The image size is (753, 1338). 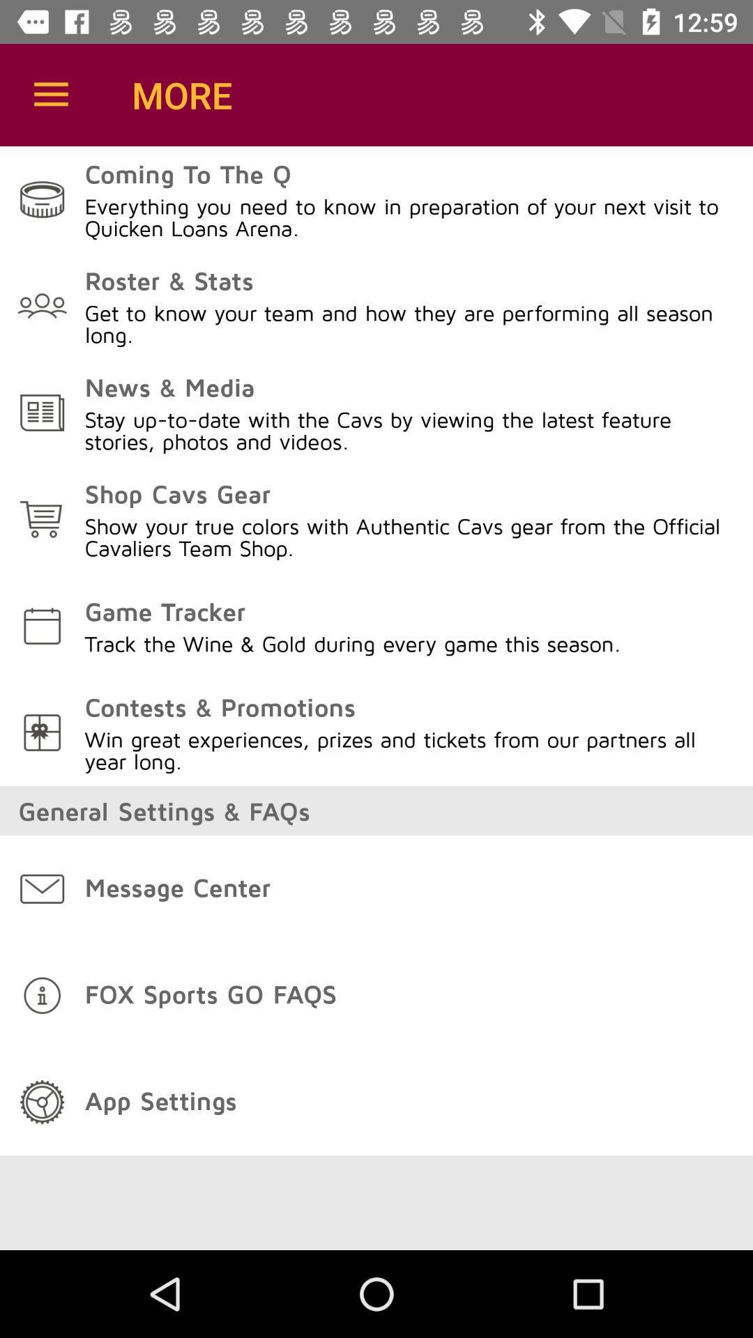 I want to click on the item to the left of the more icon, so click(x=50, y=94).